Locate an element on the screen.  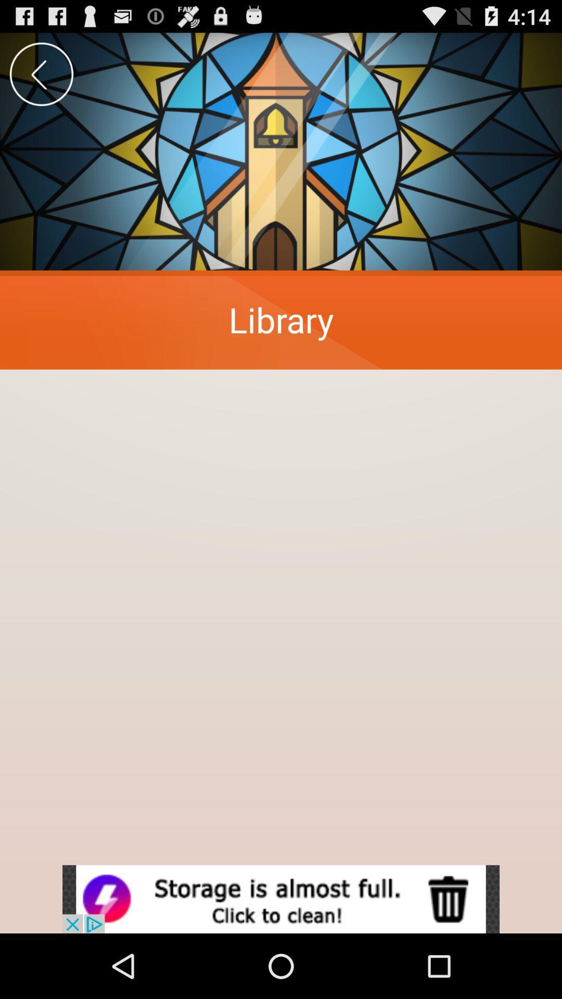
open an advertisement is located at coordinates (281, 899).